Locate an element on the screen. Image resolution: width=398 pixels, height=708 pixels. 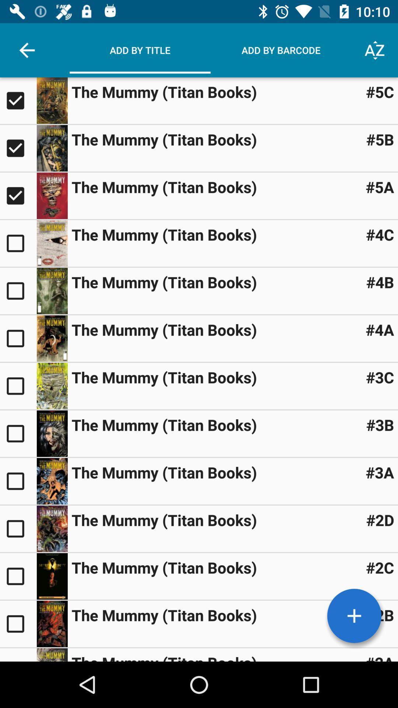
book is located at coordinates (52, 528).